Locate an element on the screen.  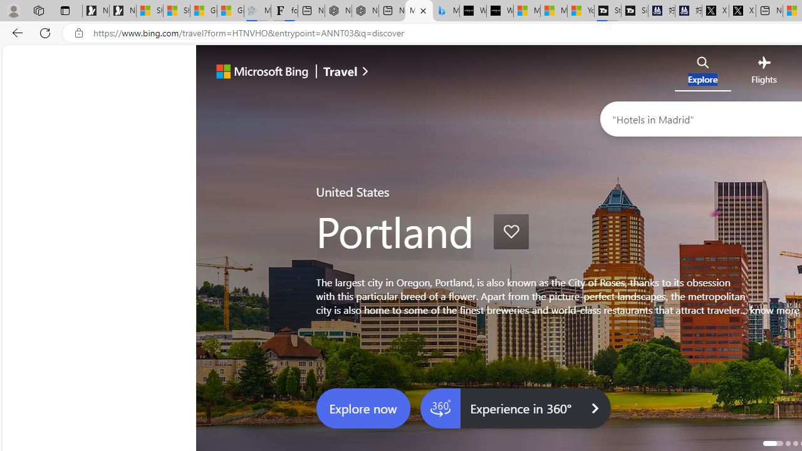
'Gilma and Hector both pose tropical trouble for Hawaii' is located at coordinates (231, 11).